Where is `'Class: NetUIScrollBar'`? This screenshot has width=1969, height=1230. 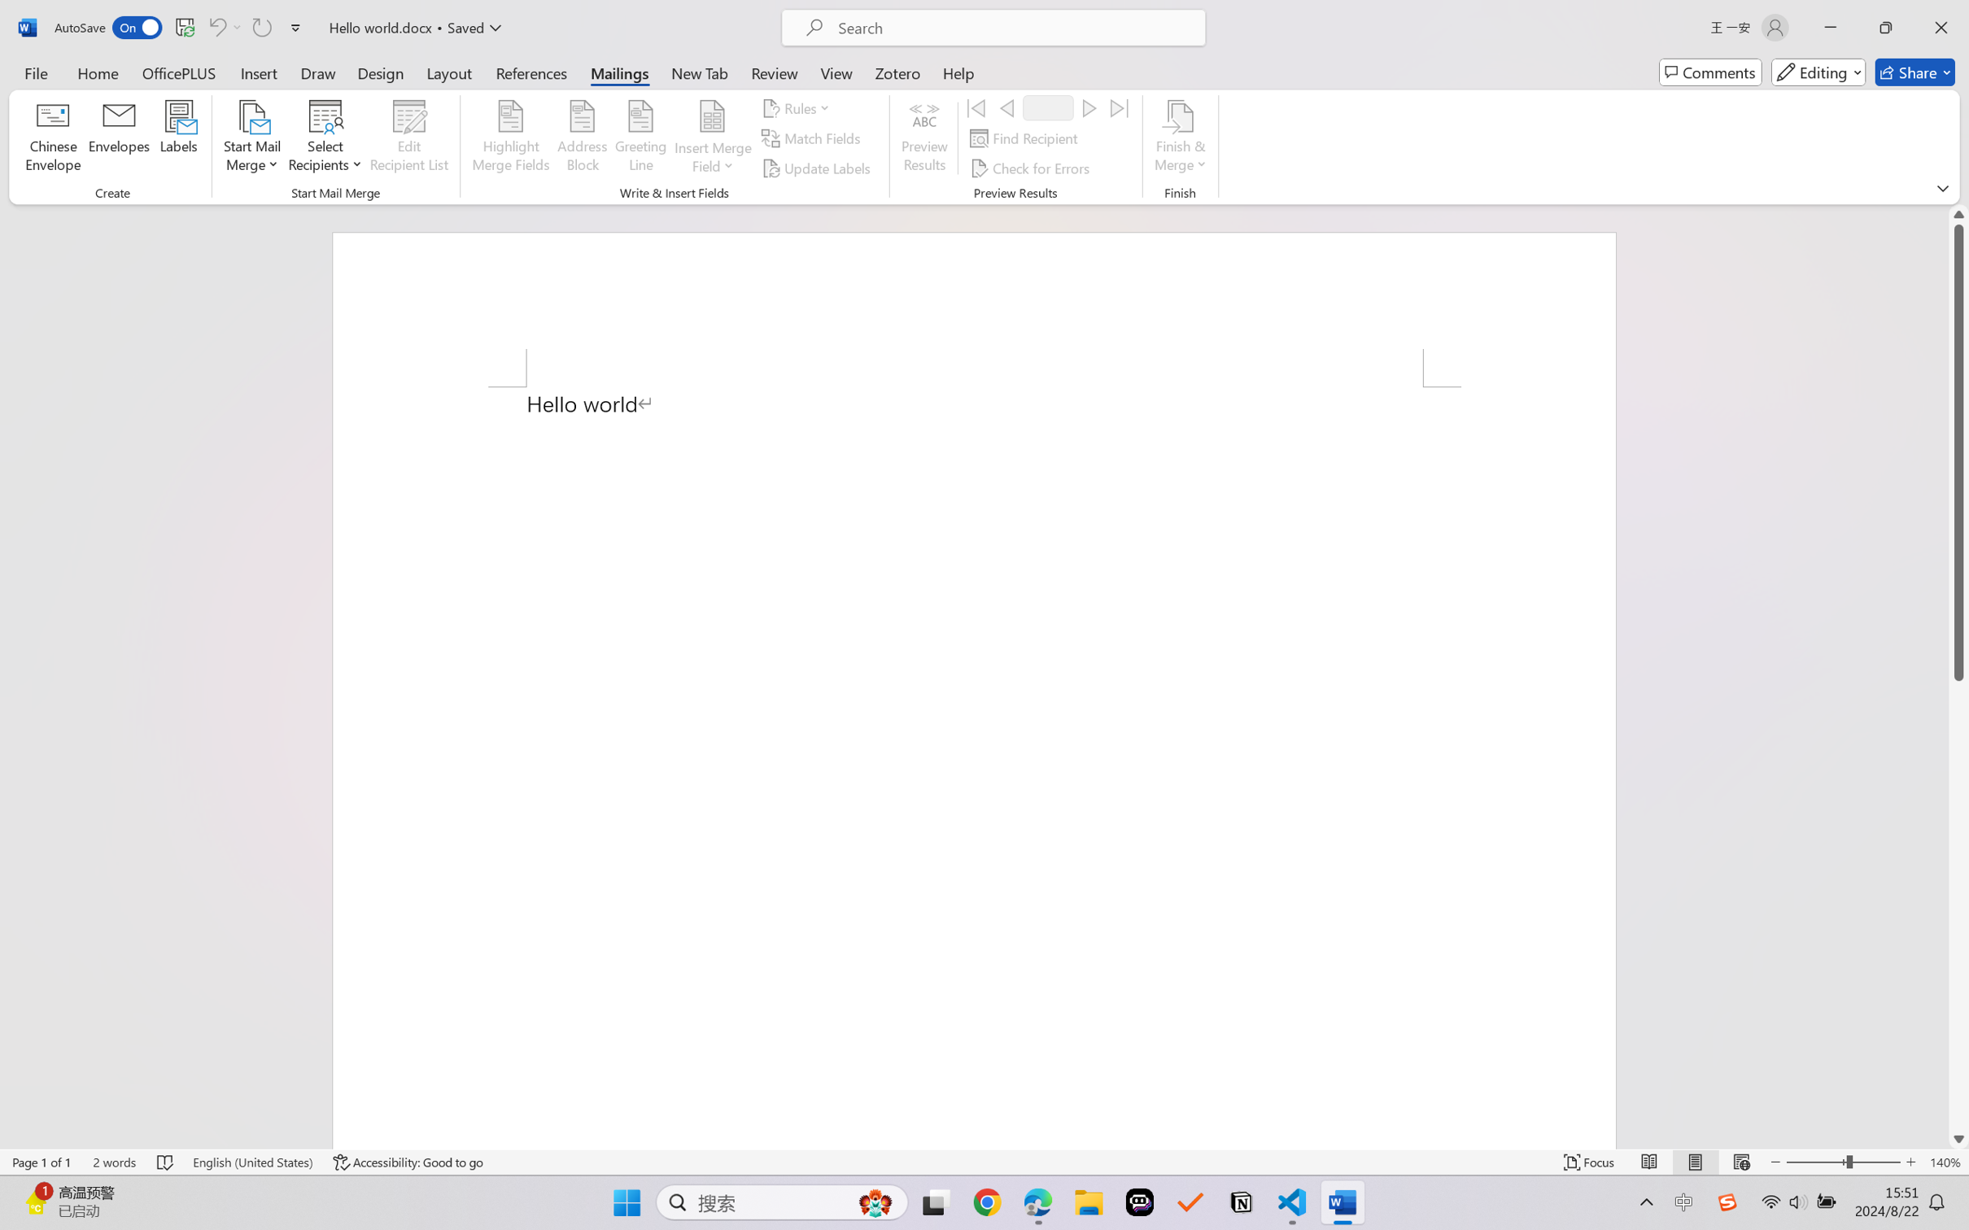 'Class: NetUIScrollBar' is located at coordinates (1958, 676).